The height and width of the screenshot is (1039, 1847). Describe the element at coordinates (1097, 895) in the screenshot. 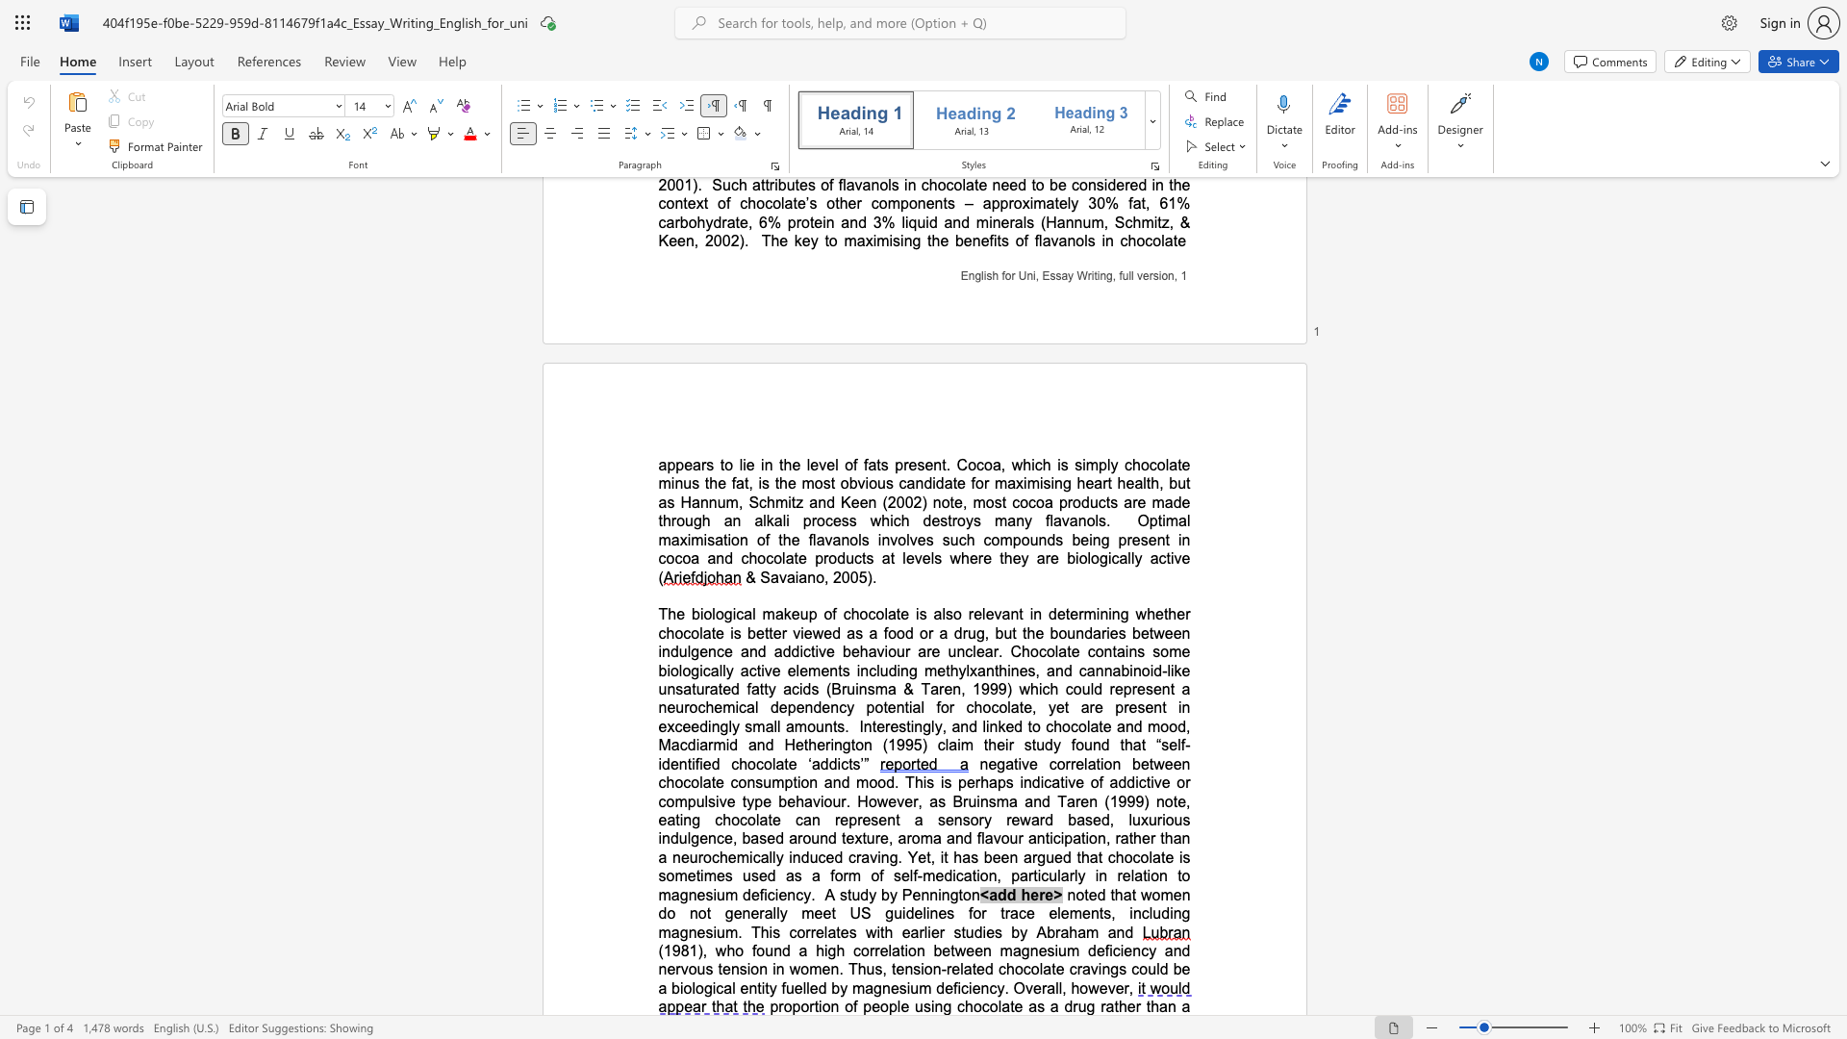

I see `the subset text "d that women do not" within the text "noted that women do not"` at that location.